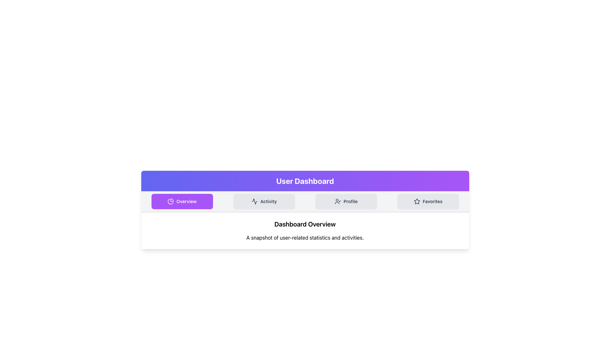 This screenshot has height=346, width=615. What do you see at coordinates (346, 201) in the screenshot?
I see `the 'Profile' button located in the navigation bar under 'User Dashboard'` at bounding box center [346, 201].